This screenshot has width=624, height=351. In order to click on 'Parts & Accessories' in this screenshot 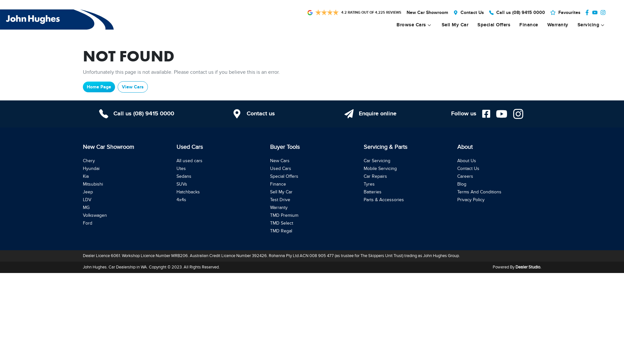, I will do `click(383, 199)`.